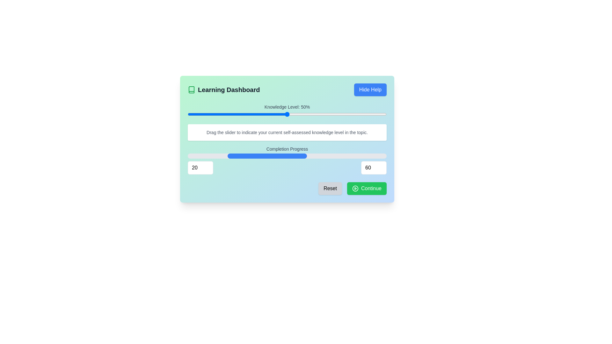 The image size is (612, 344). I want to click on the numeric input field, which is the leftmost input field beneath the 'Completion Progress' progress bar, to interact with it, so click(200, 168).